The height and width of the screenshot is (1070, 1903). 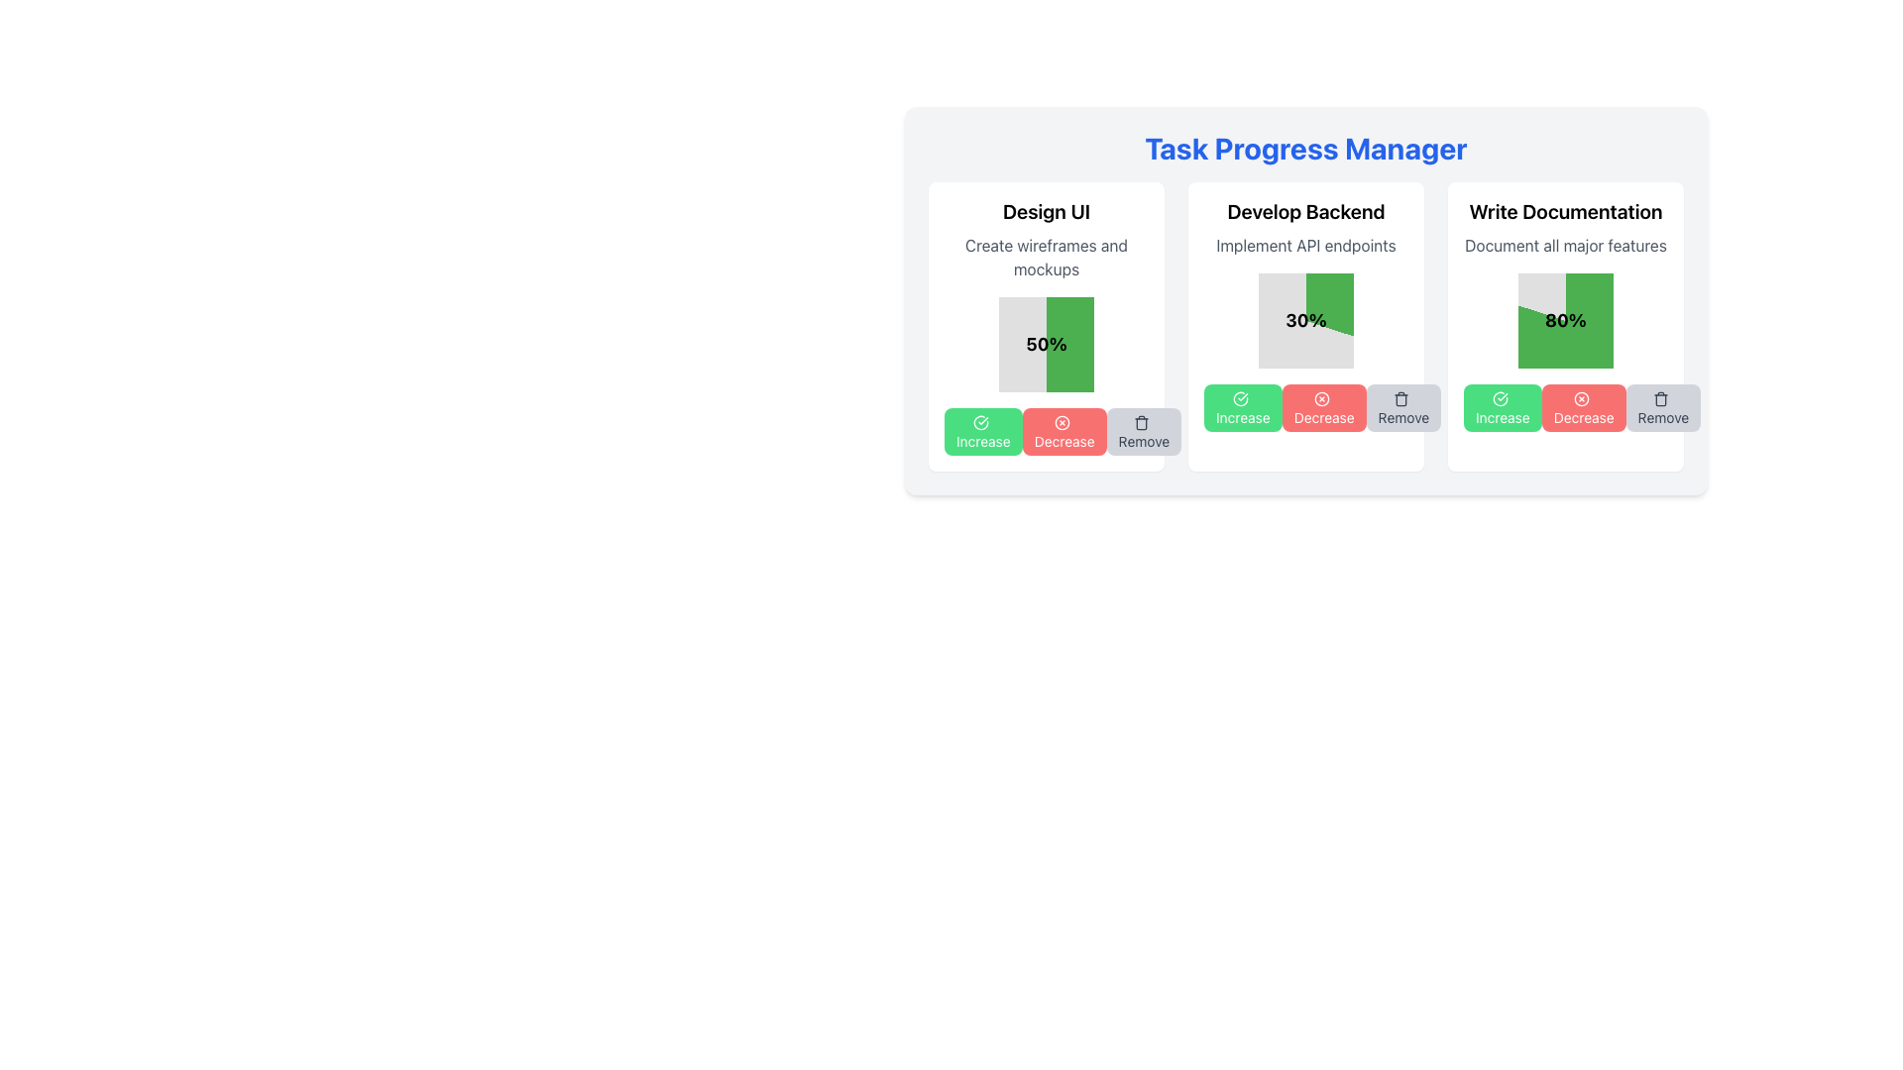 What do you see at coordinates (1564, 320) in the screenshot?
I see `the Circular Progress Indicator located centrally above the controls labeled 'Increase', 'Decrease', and 'Remove' within the 'Write Documentation' section` at bounding box center [1564, 320].